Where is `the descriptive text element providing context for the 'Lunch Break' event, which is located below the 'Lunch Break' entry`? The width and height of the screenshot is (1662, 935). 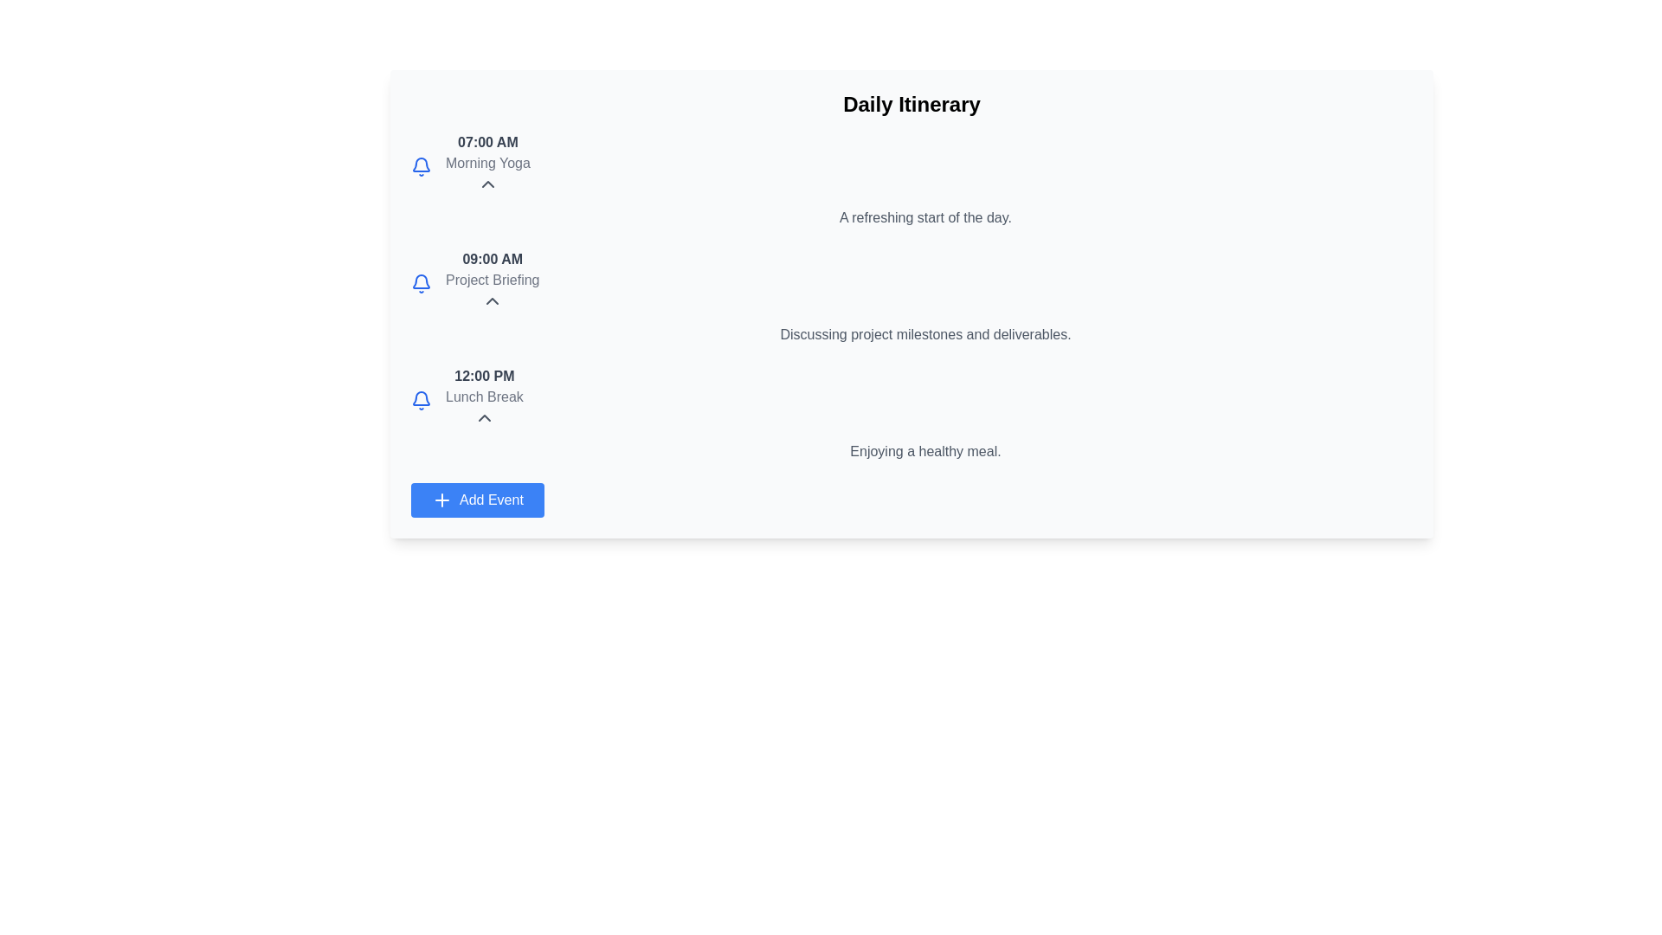
the descriptive text element providing context for the 'Lunch Break' event, which is located below the 'Lunch Break' entry is located at coordinates (911, 450).